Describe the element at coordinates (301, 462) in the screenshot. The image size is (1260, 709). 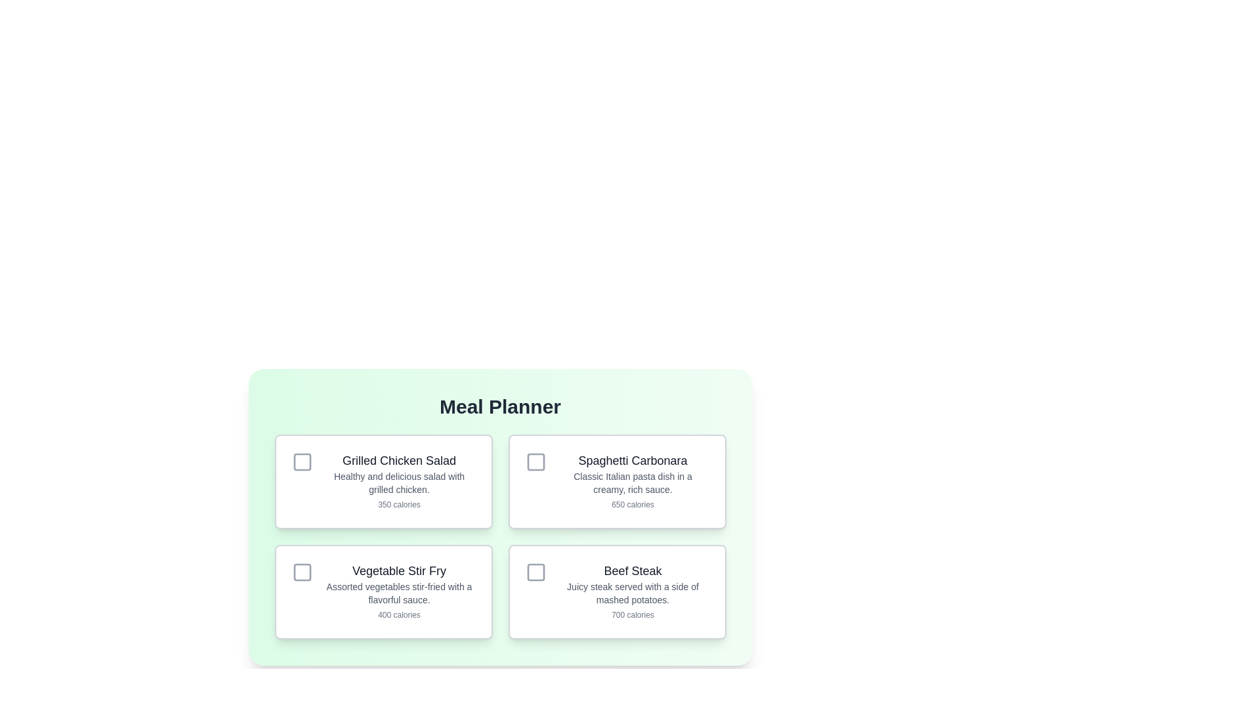
I see `the checkbox located in the top-left corner of the card for 'Grilled Chicken Salad'` at that location.